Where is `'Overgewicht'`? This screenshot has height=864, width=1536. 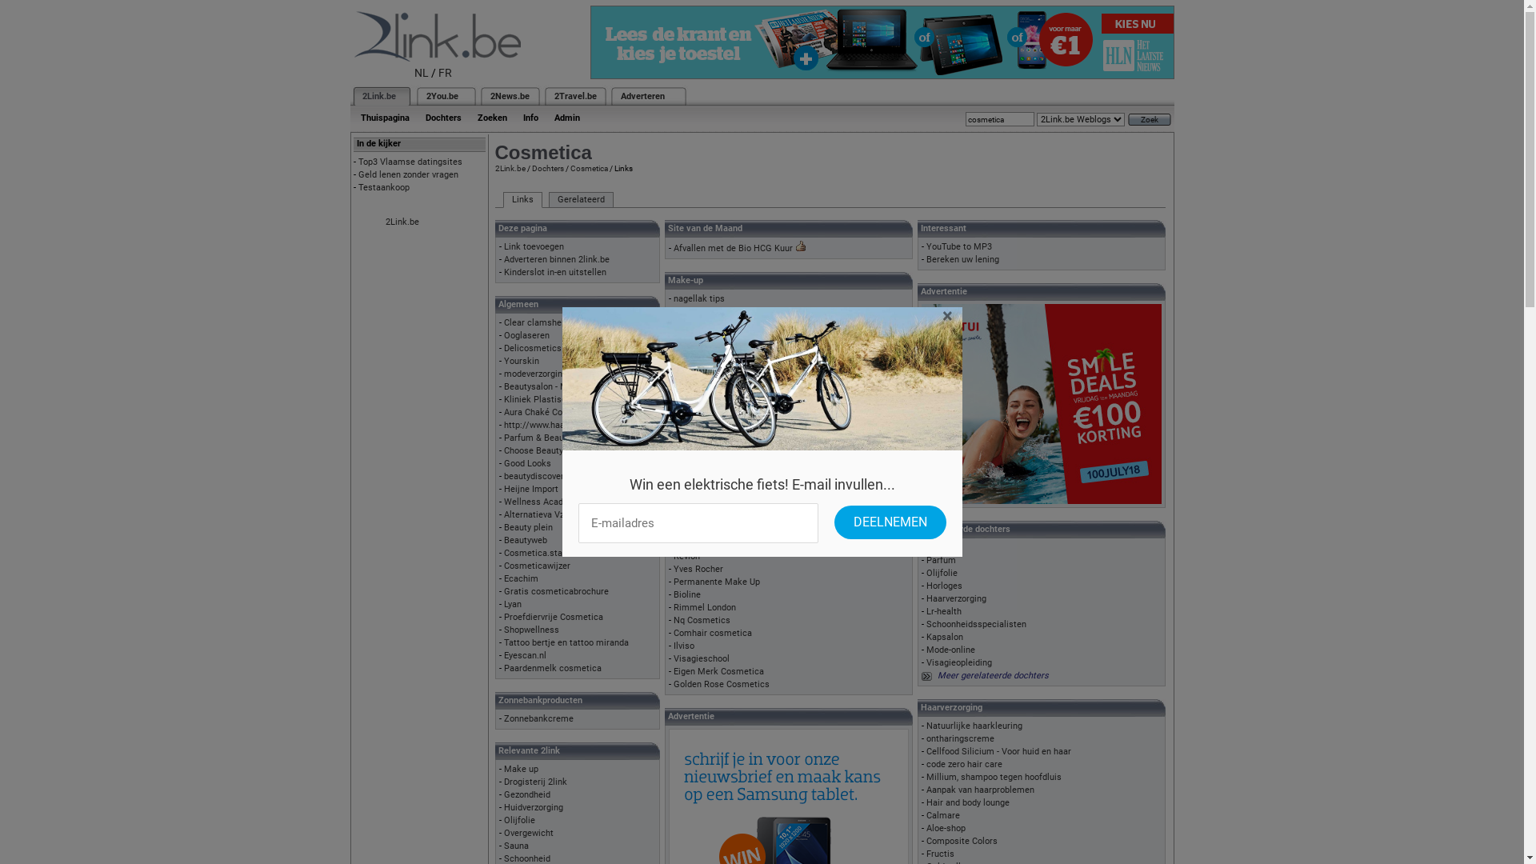 'Overgewicht' is located at coordinates (529, 832).